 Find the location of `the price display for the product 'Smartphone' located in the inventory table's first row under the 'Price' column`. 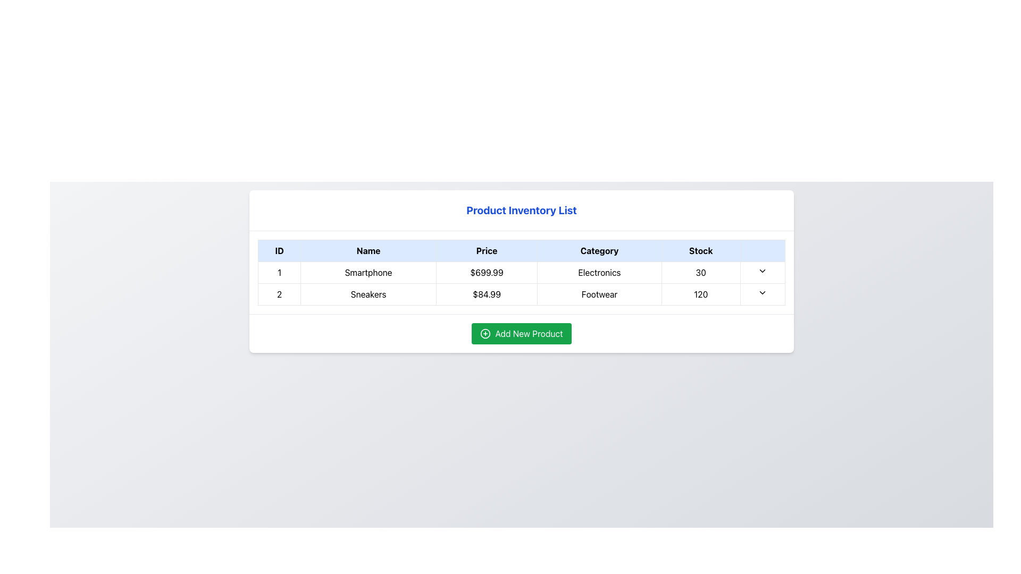

the price display for the product 'Smartphone' located in the inventory table's first row under the 'Price' column is located at coordinates (486, 272).